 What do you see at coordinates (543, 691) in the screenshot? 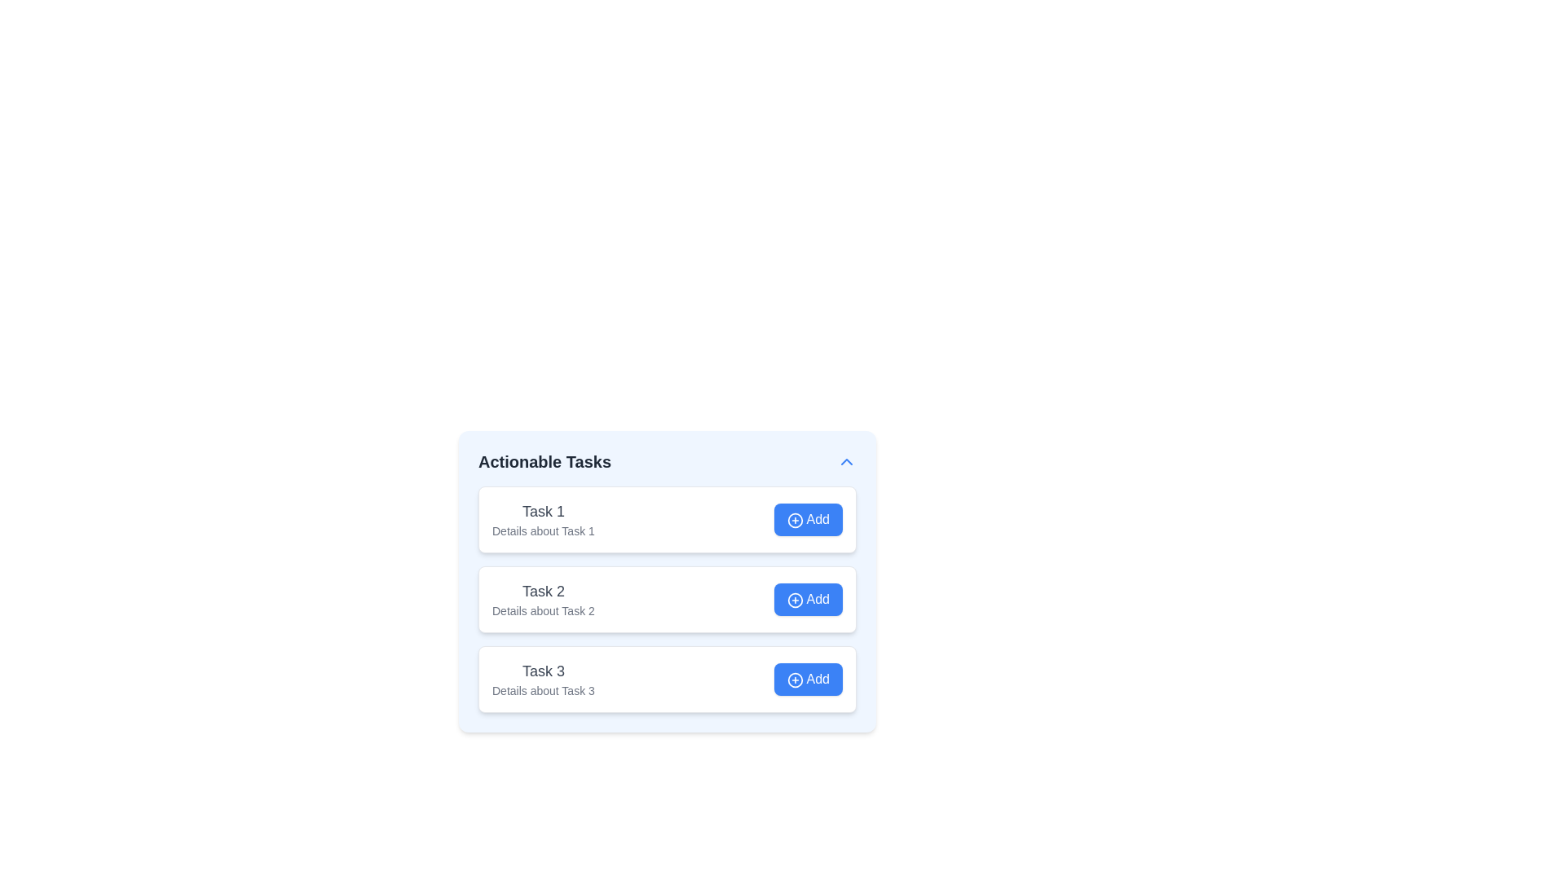
I see `the Text label that provides additional description about 'Task 3', located beneath the title text in the 'Actionable Tasks' panel` at bounding box center [543, 691].